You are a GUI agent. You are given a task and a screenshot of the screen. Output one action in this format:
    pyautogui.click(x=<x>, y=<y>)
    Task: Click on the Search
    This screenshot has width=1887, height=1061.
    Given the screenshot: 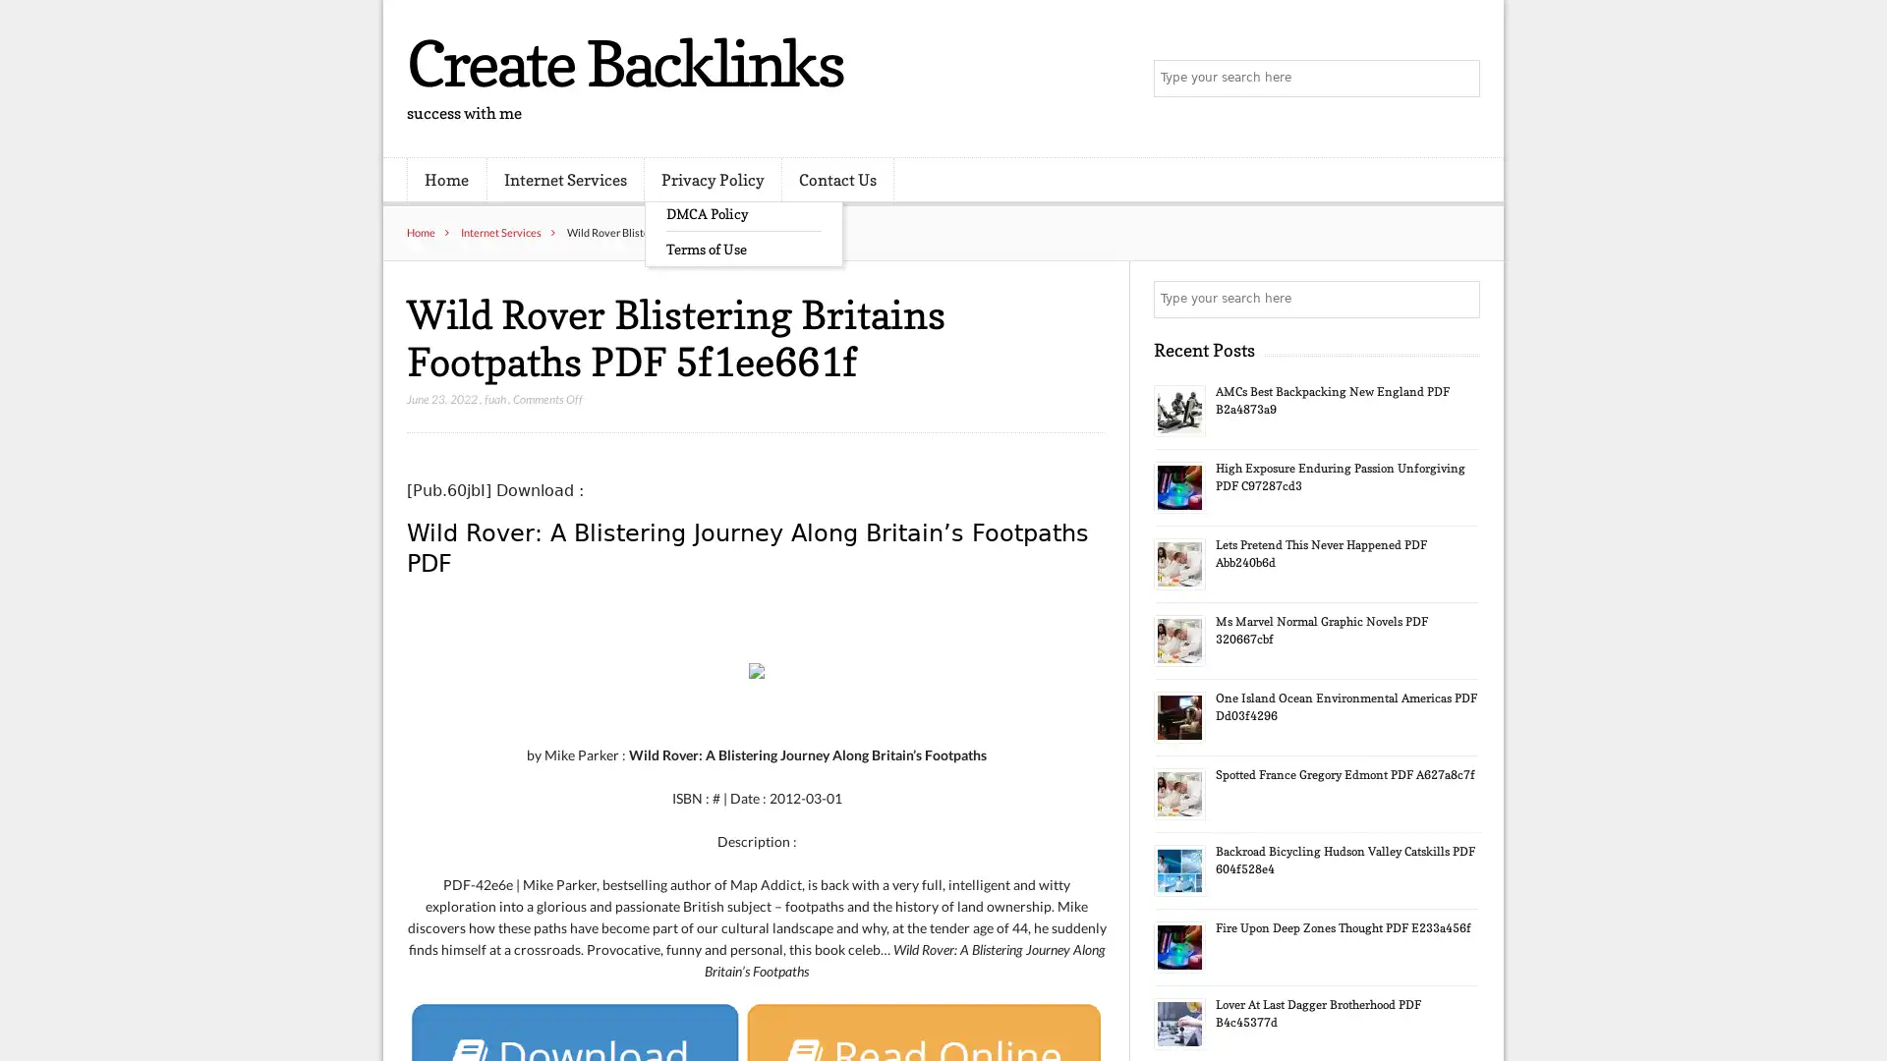 What is the action you would take?
    pyautogui.click(x=1459, y=79)
    